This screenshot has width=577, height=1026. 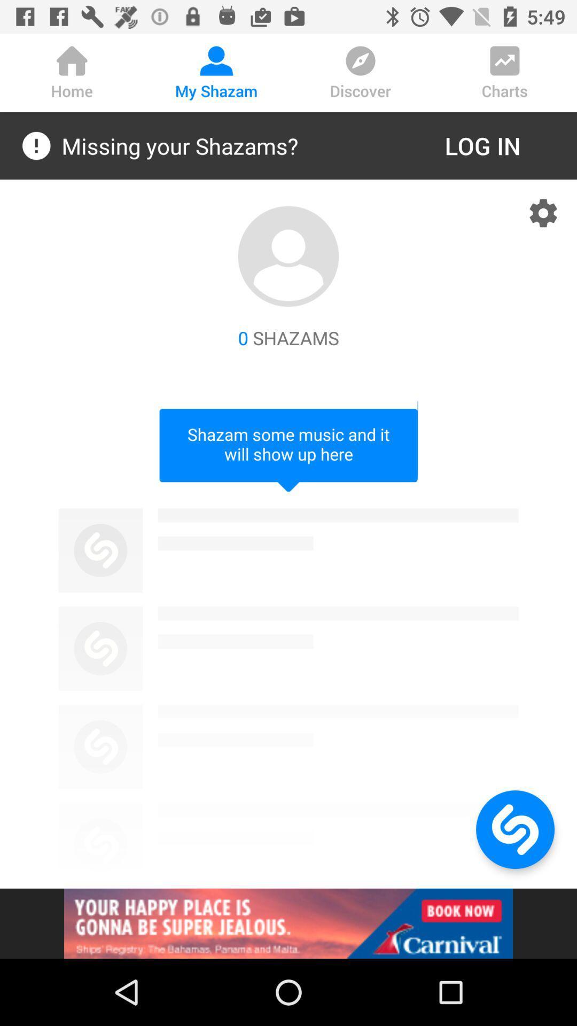 What do you see at coordinates (288, 256) in the screenshot?
I see `the avatar icon` at bounding box center [288, 256].